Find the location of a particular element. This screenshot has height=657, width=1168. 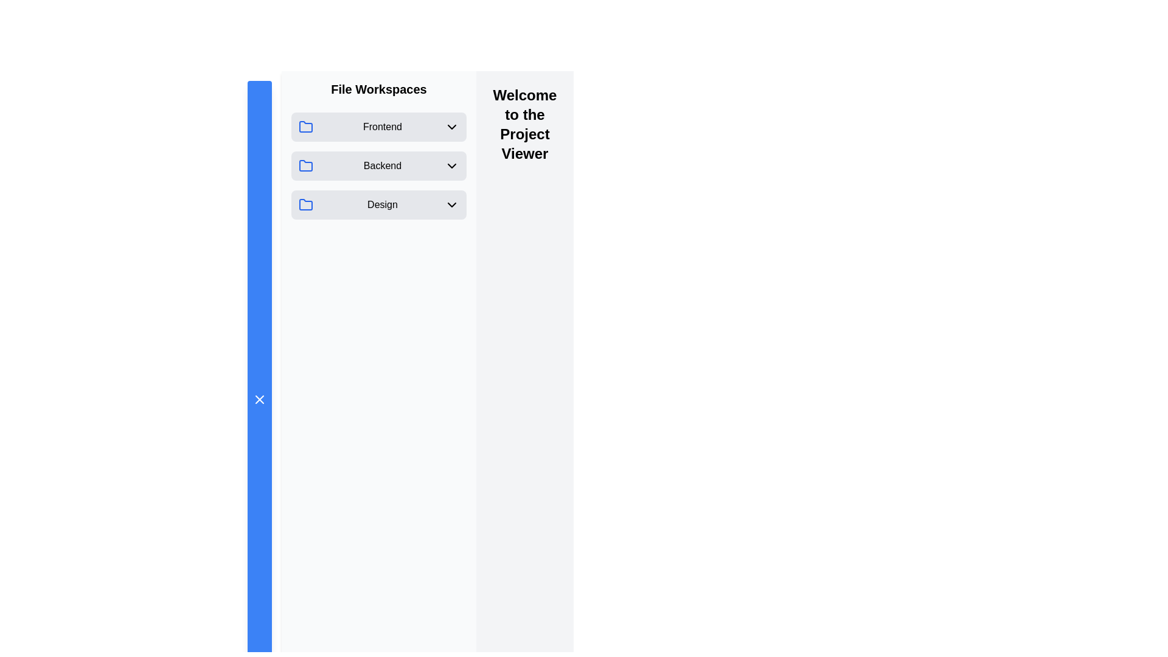

the folder icon with a blue outline, which is the second item in the vertical list of folder icons in the sidebar, located below the 'Frontend' icon is located at coordinates (306, 165).